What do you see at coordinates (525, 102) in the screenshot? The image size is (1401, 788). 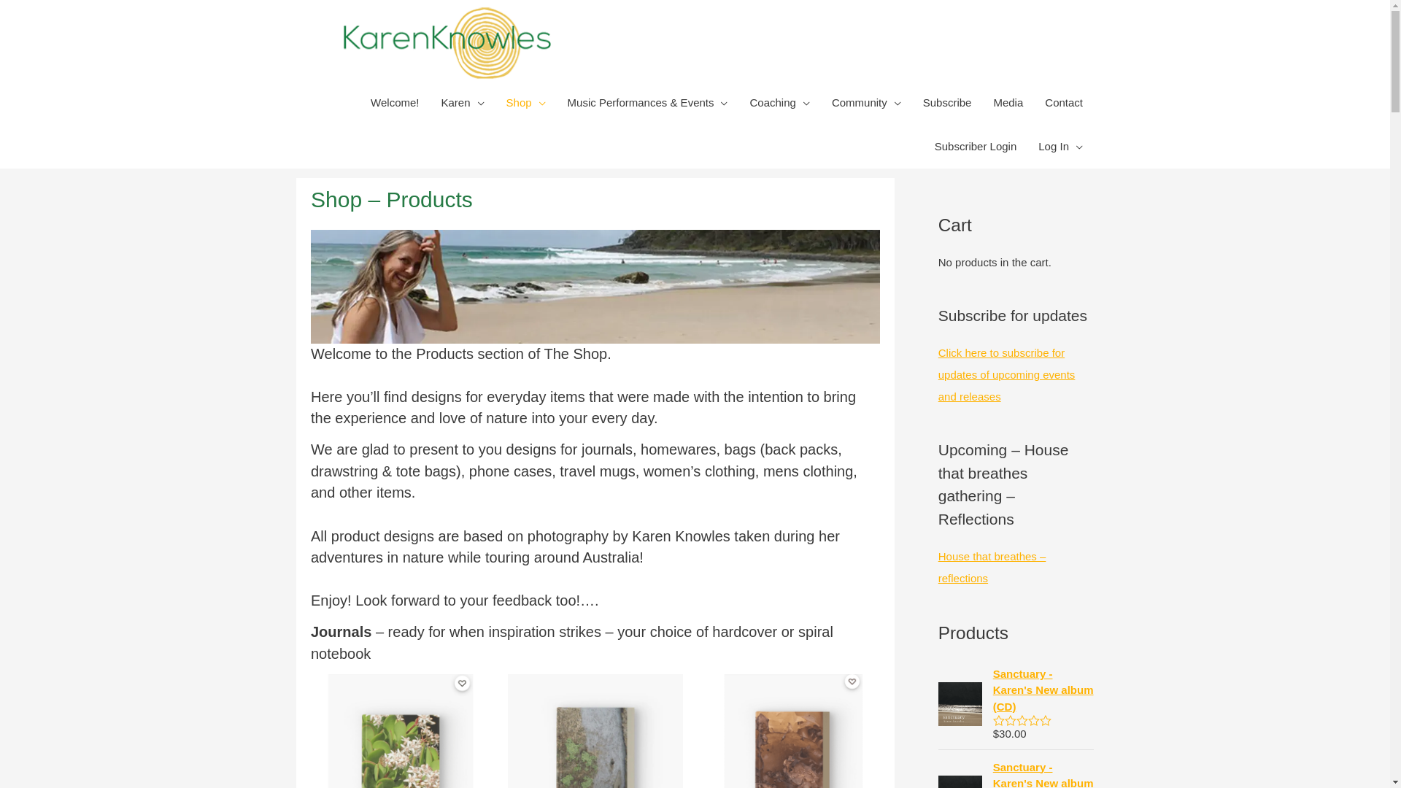 I see `'Shop'` at bounding box center [525, 102].